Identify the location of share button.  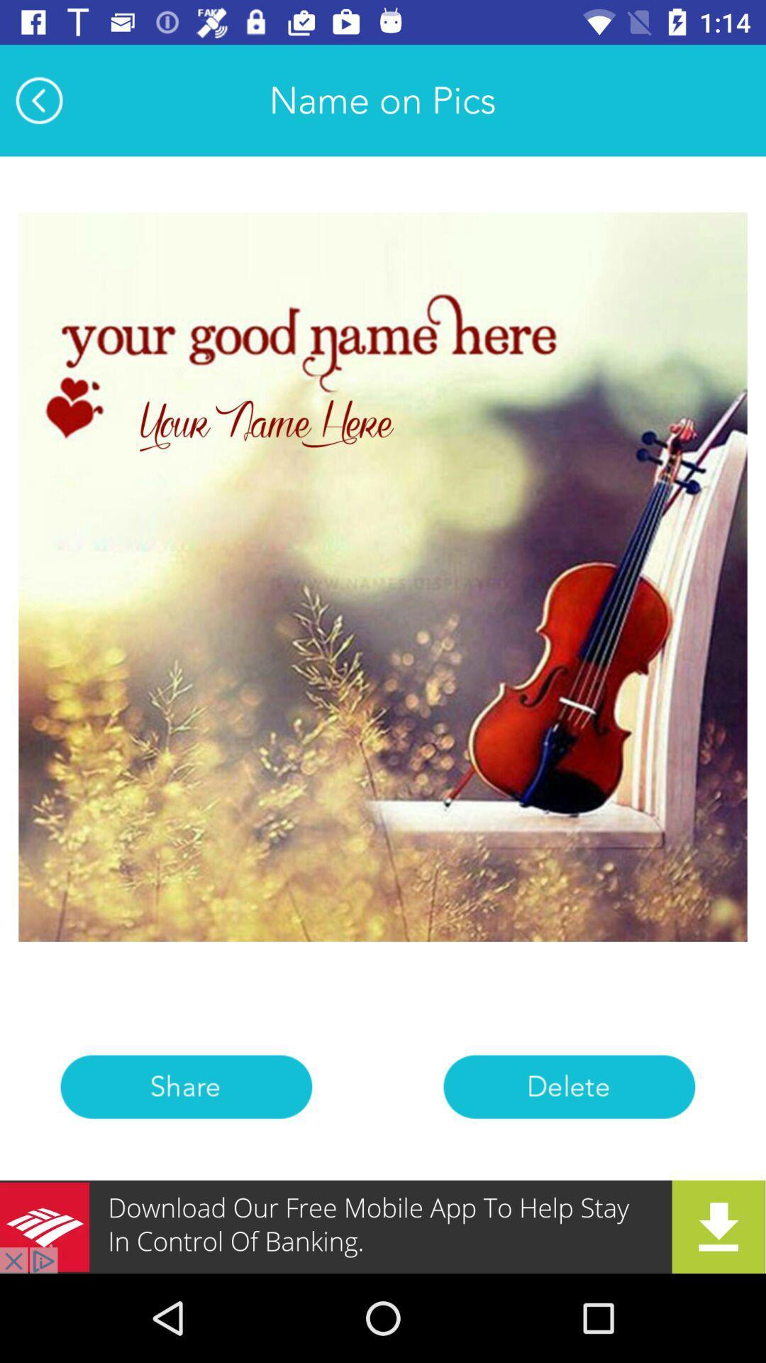
(185, 1086).